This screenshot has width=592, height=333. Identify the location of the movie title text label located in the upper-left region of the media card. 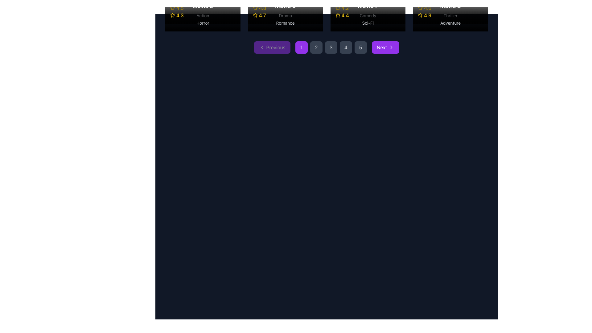
(450, 6).